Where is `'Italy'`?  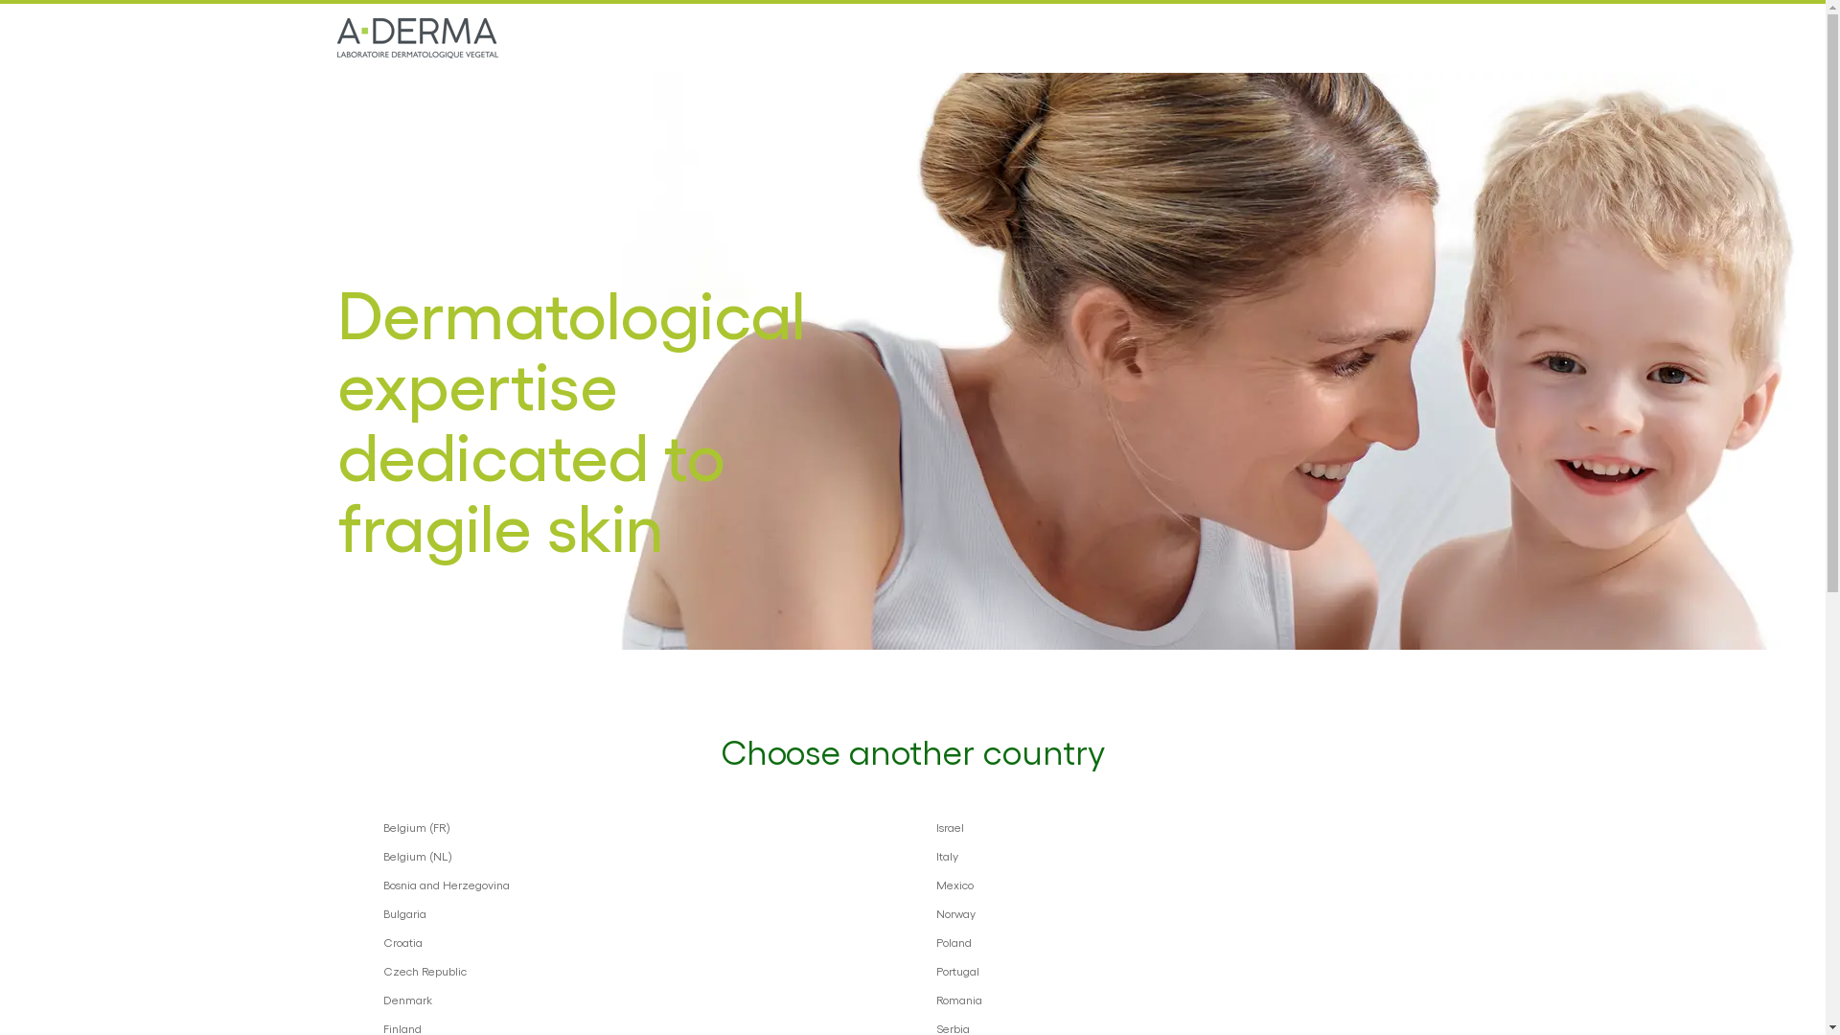
'Italy' is located at coordinates (1187, 855).